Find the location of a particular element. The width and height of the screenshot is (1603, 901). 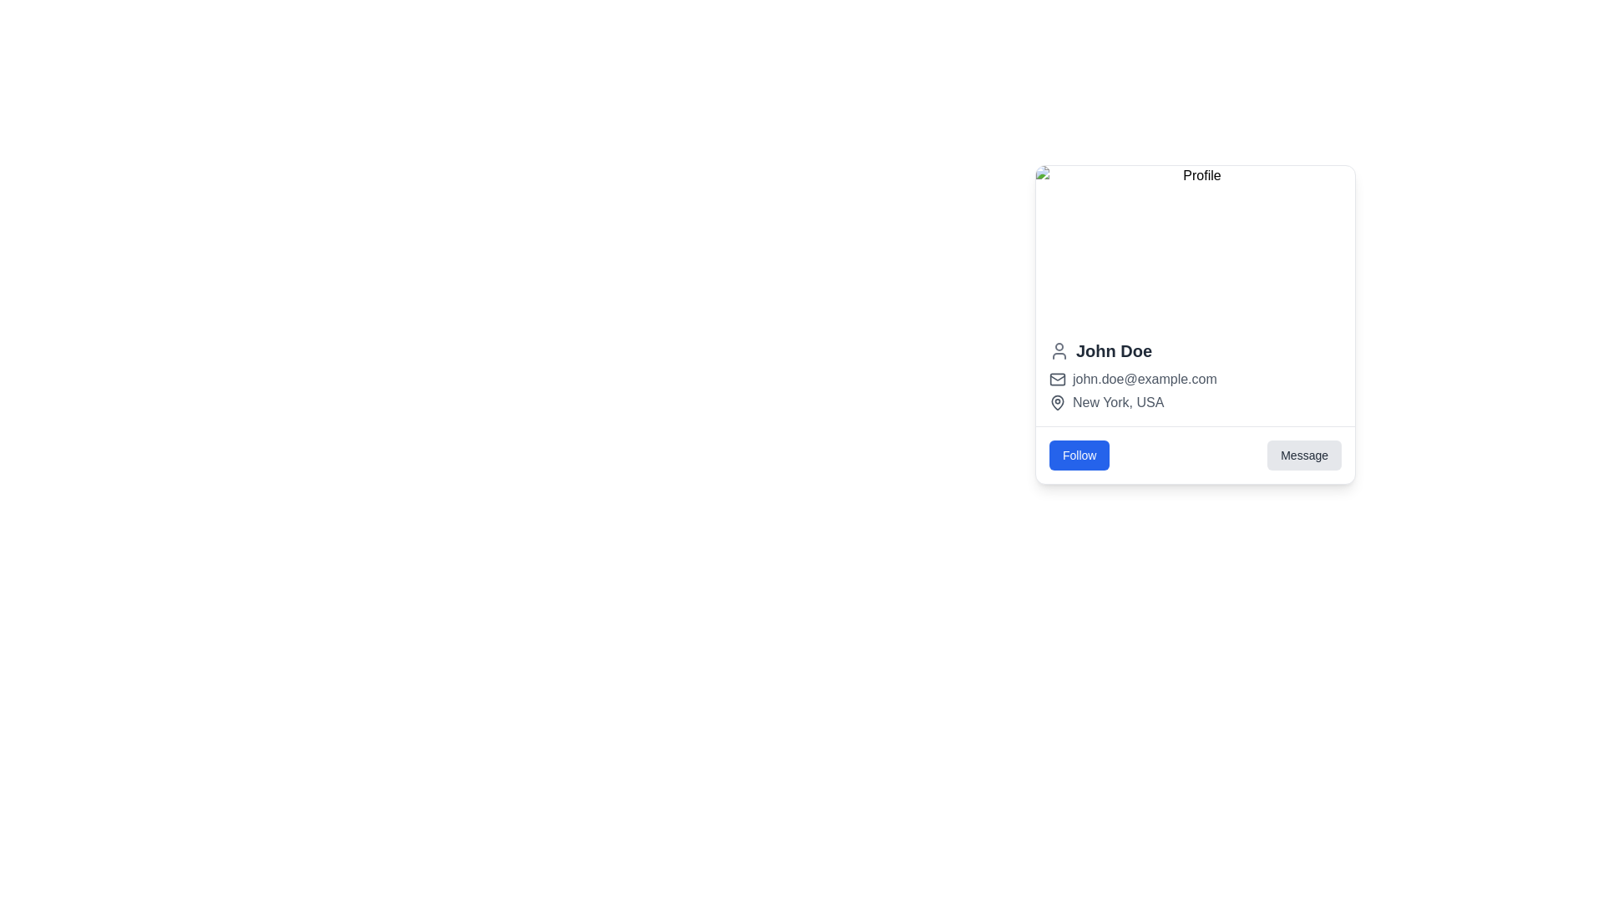

the 'Message' button located at the bottom-right area of the profile card interface, which has a light gray background and contains the text 'Message' is located at coordinates (1303, 456).